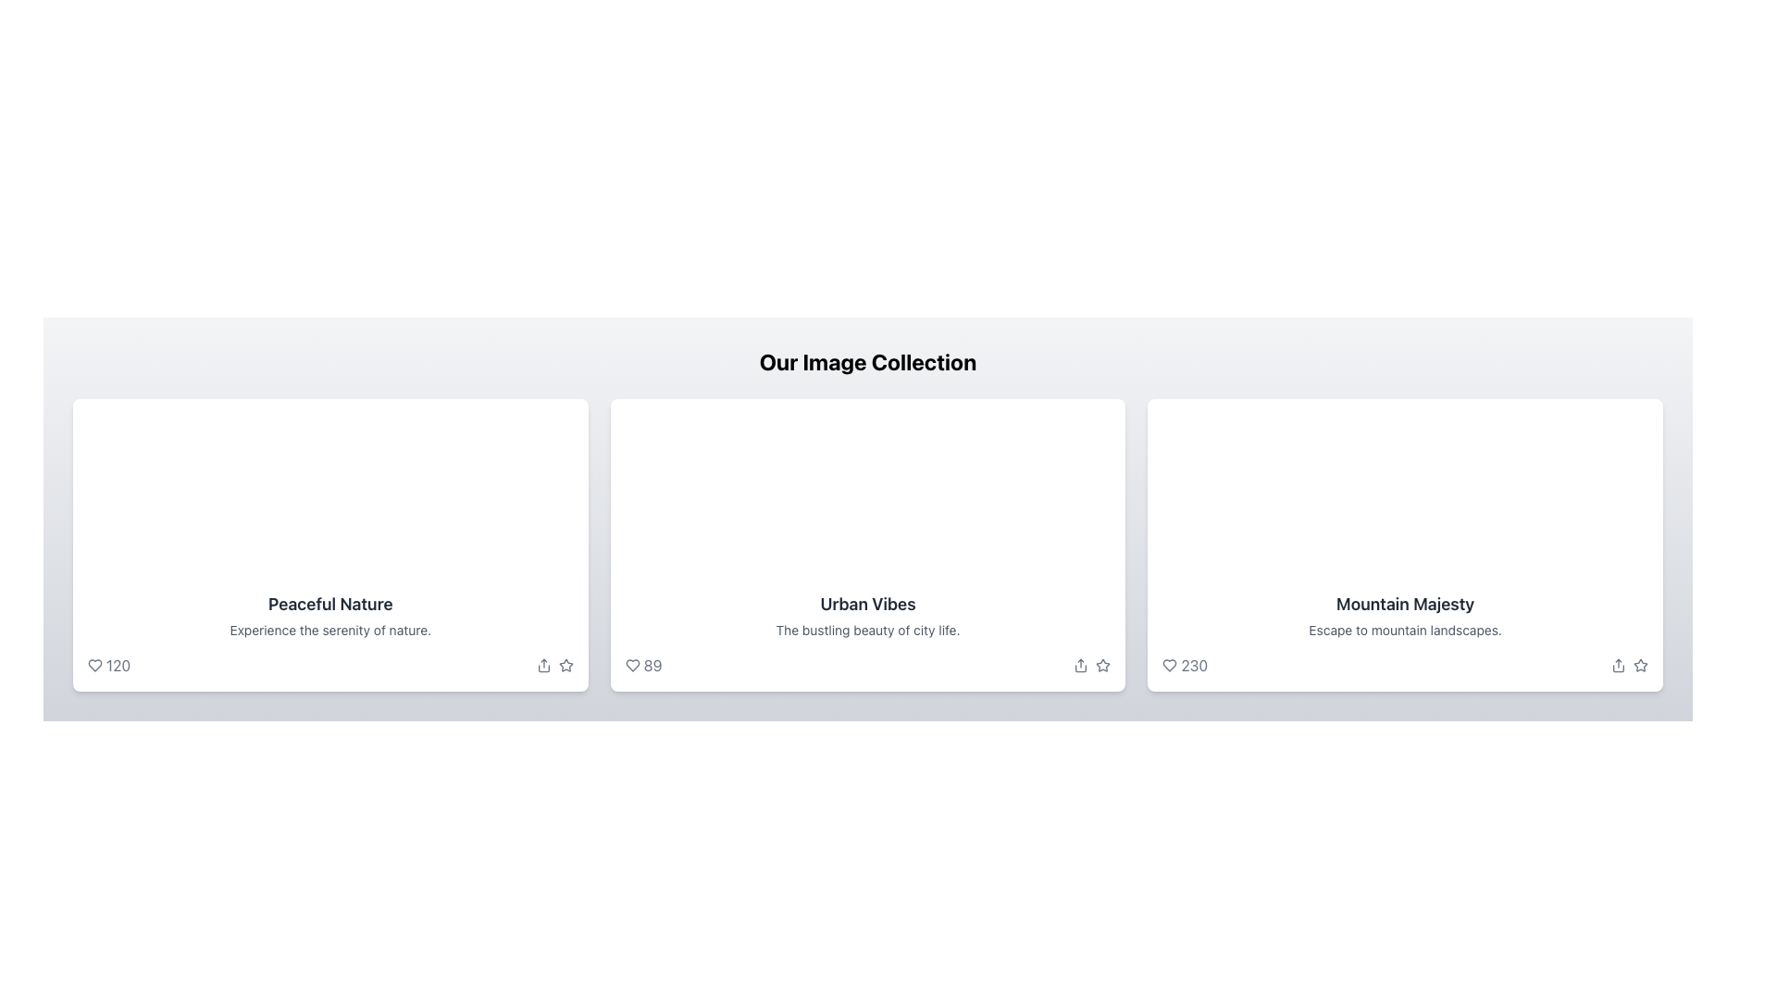  I want to click on the star-shaped icon with a hollow outline located in the bottom-right corner of the 'Mountain Majesty' card to bookmark or unbookmark it, so click(1639, 663).